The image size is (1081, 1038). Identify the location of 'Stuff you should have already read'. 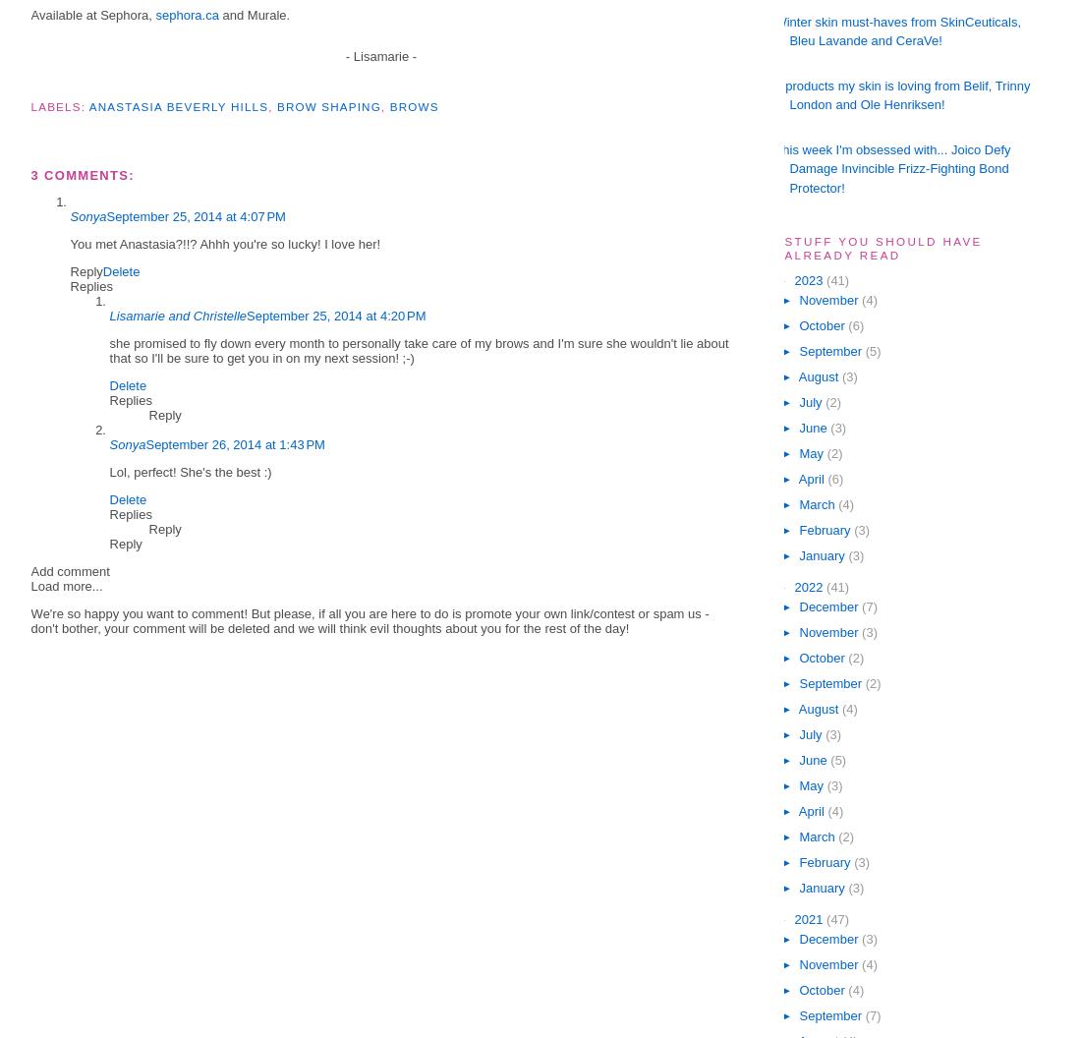
(784, 247).